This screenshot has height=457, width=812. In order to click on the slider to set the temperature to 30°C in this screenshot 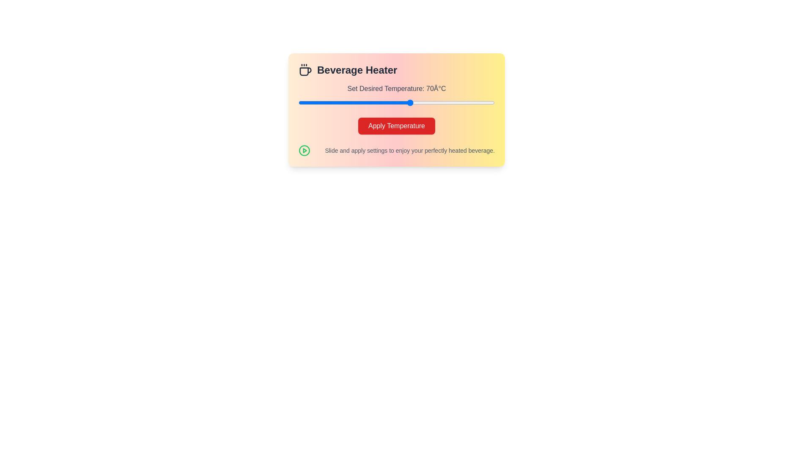, I will do `click(298, 102)`.